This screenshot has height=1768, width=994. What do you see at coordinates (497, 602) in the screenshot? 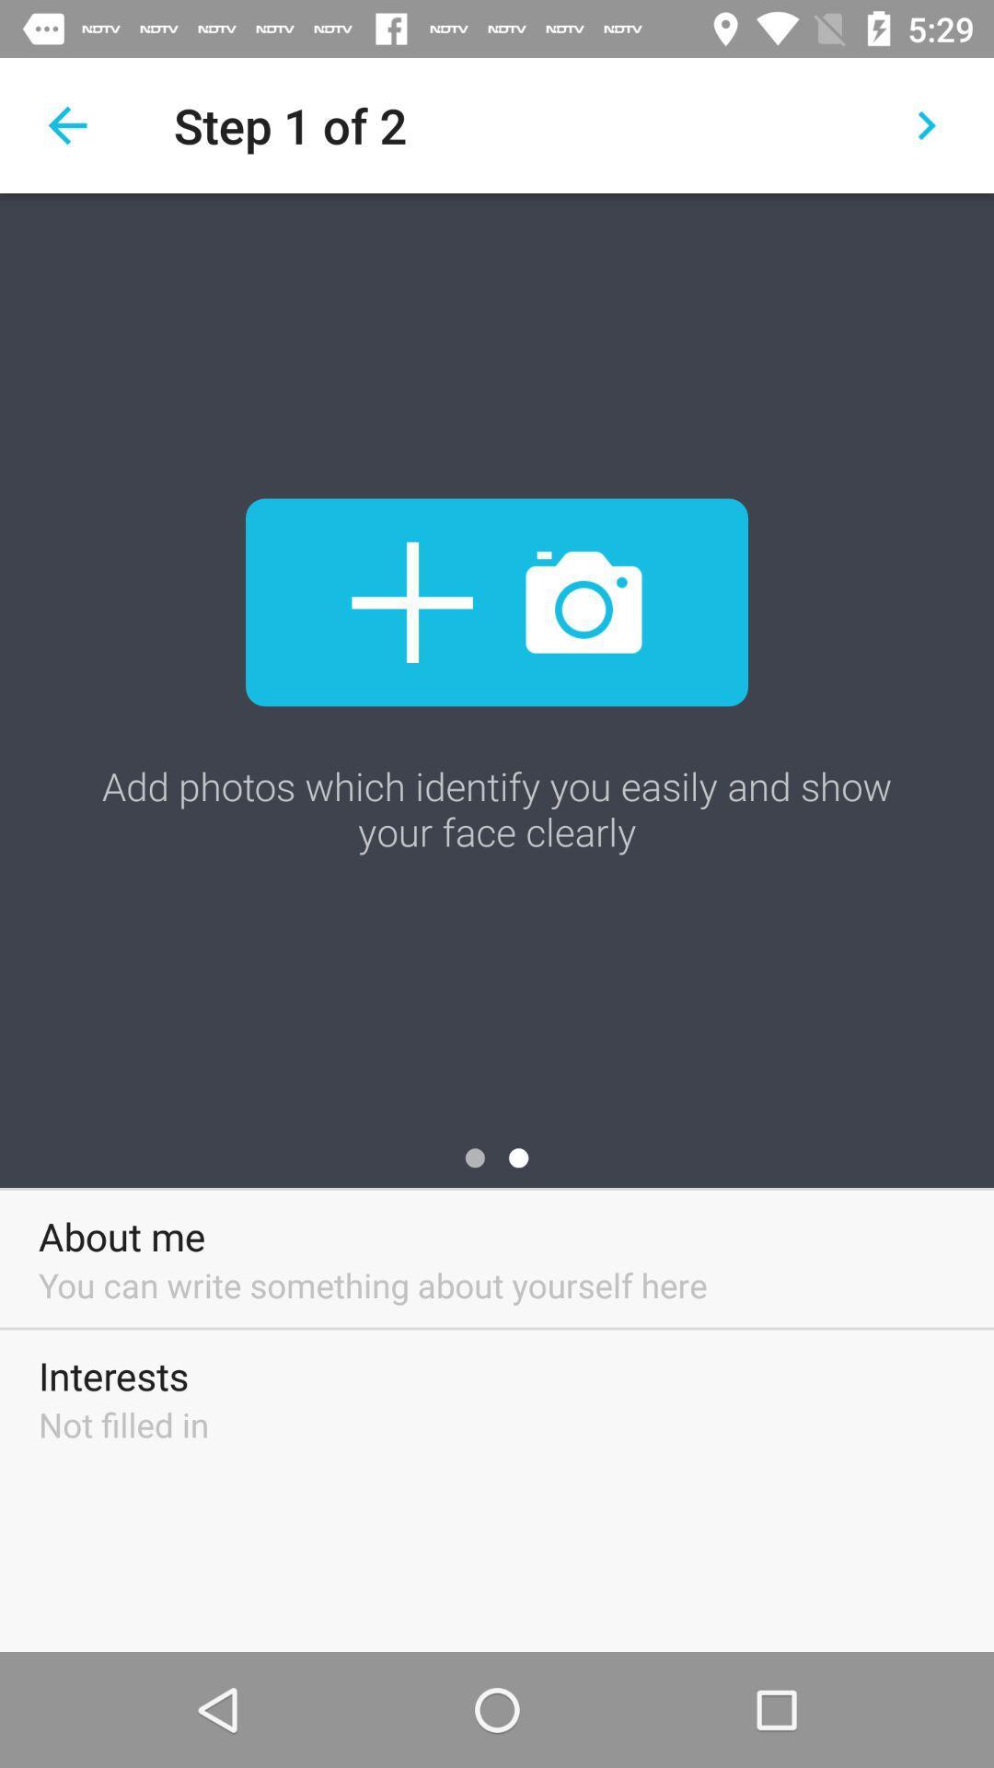
I see `the item below the step 1 of icon` at bounding box center [497, 602].